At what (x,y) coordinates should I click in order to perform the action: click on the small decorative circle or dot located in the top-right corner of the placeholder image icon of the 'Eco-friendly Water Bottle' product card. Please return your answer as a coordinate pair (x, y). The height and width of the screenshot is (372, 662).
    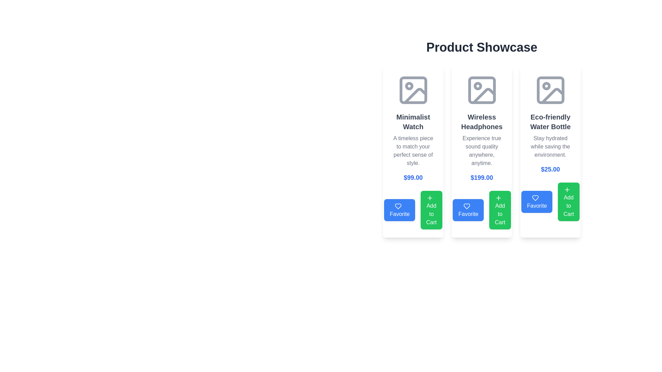
    Looking at the image, I should click on (546, 86).